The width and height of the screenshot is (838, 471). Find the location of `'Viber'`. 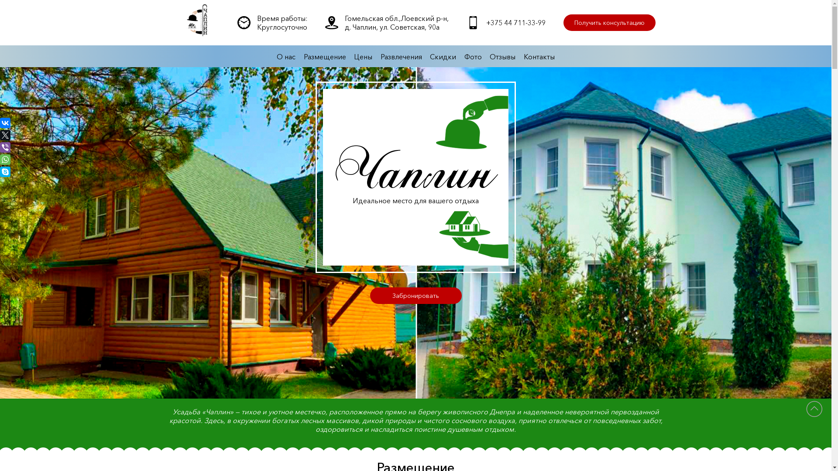

'Viber' is located at coordinates (5, 147).